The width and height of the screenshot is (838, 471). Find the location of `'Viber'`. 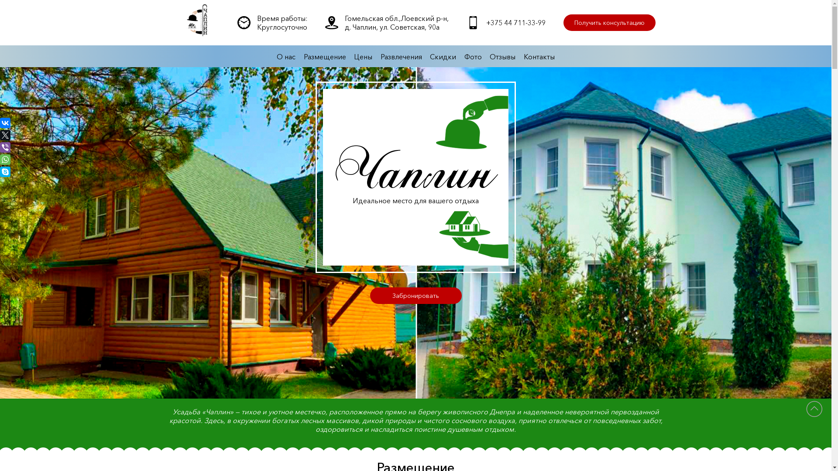

'Viber' is located at coordinates (5, 147).